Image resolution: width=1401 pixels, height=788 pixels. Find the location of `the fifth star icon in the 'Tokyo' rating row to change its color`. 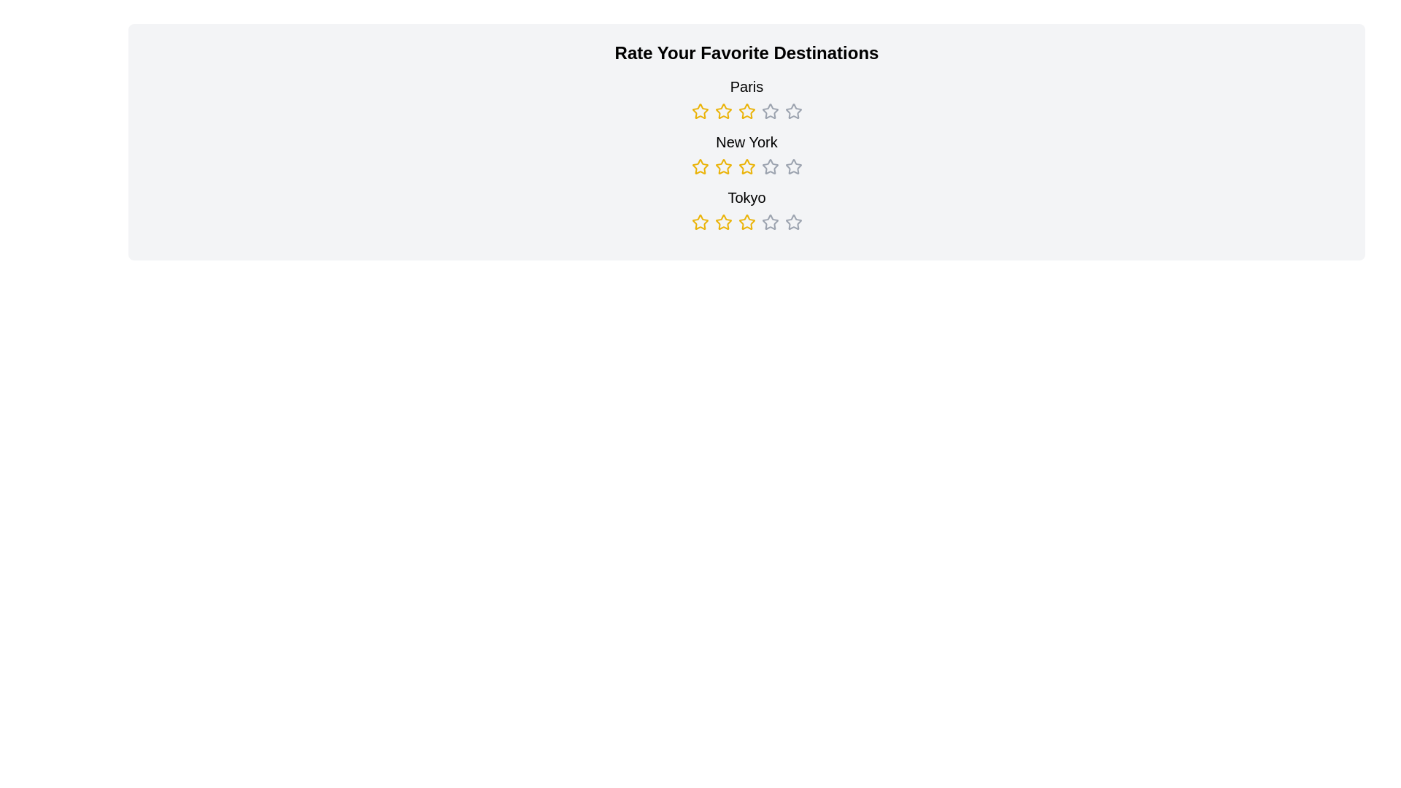

the fifth star icon in the 'Tokyo' rating row to change its color is located at coordinates (792, 222).